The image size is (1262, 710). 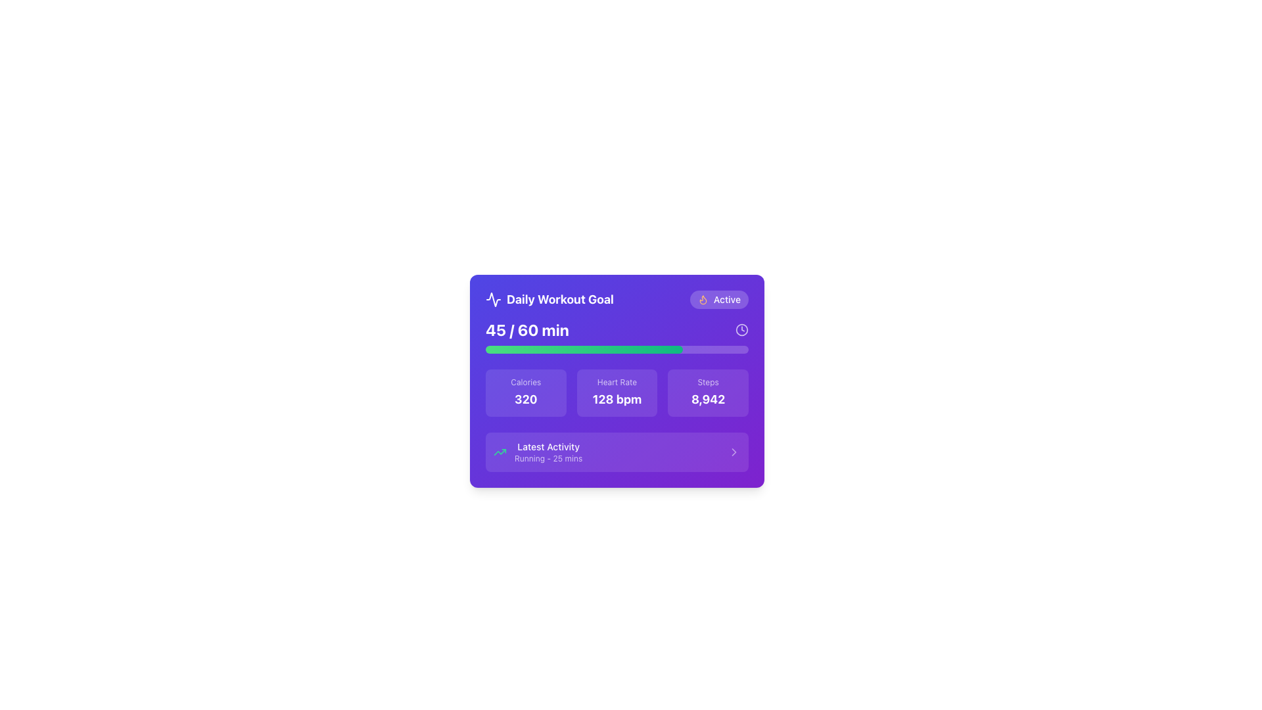 I want to click on the clock icon that represents the time-based information '45 / 60 min', located in the top-right corner of the card, so click(x=741, y=329).